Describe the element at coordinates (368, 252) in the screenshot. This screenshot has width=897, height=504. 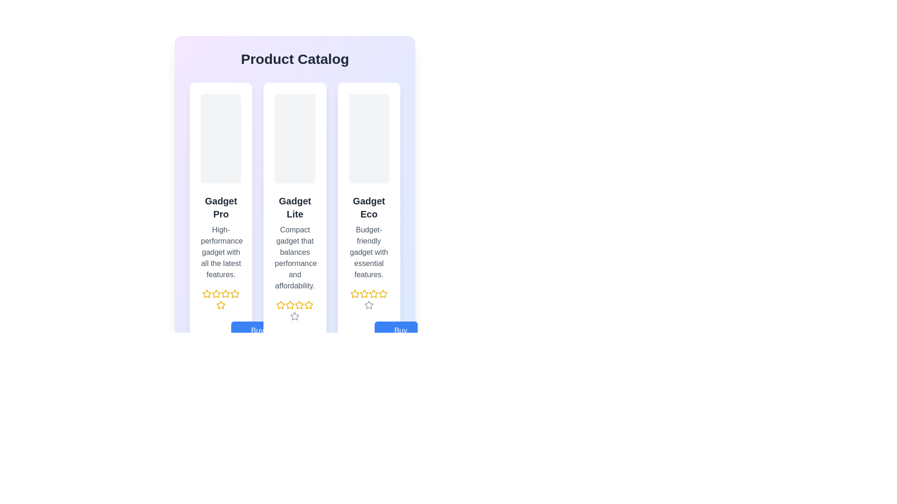
I see `the text label that reads 'Budget-friendly gadget with essential features.' positioned beneath the title 'Gadget Eco' in the third product card from the left` at that location.